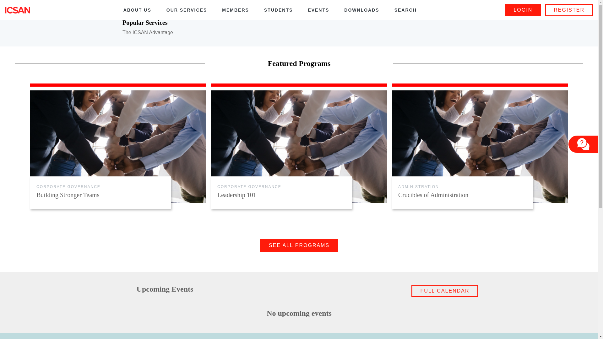  What do you see at coordinates (235, 10) in the screenshot?
I see `'MEMBERS'` at bounding box center [235, 10].